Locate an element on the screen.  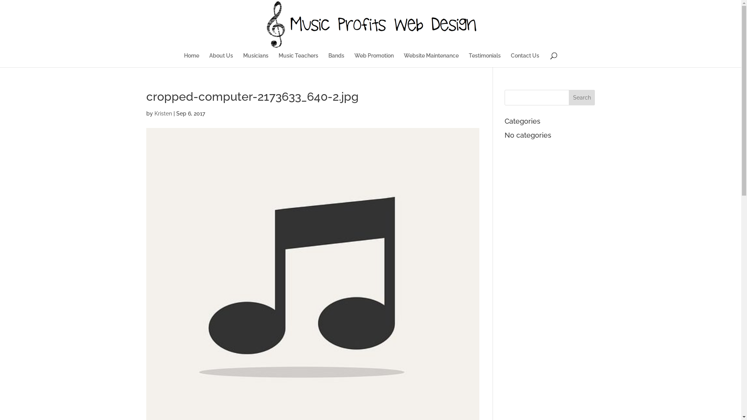
'Bands' is located at coordinates (336, 59).